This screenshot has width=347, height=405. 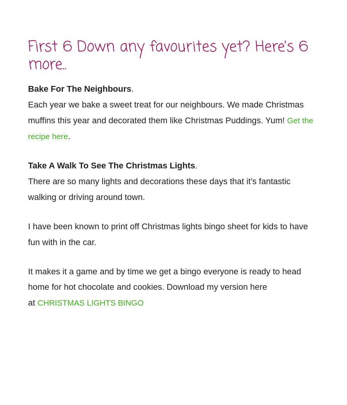 I want to click on 'It makes it a game and by time we get a bingo everyone is ready to head home for hot chocolate and cookies. Download my version here at', so click(x=164, y=282).